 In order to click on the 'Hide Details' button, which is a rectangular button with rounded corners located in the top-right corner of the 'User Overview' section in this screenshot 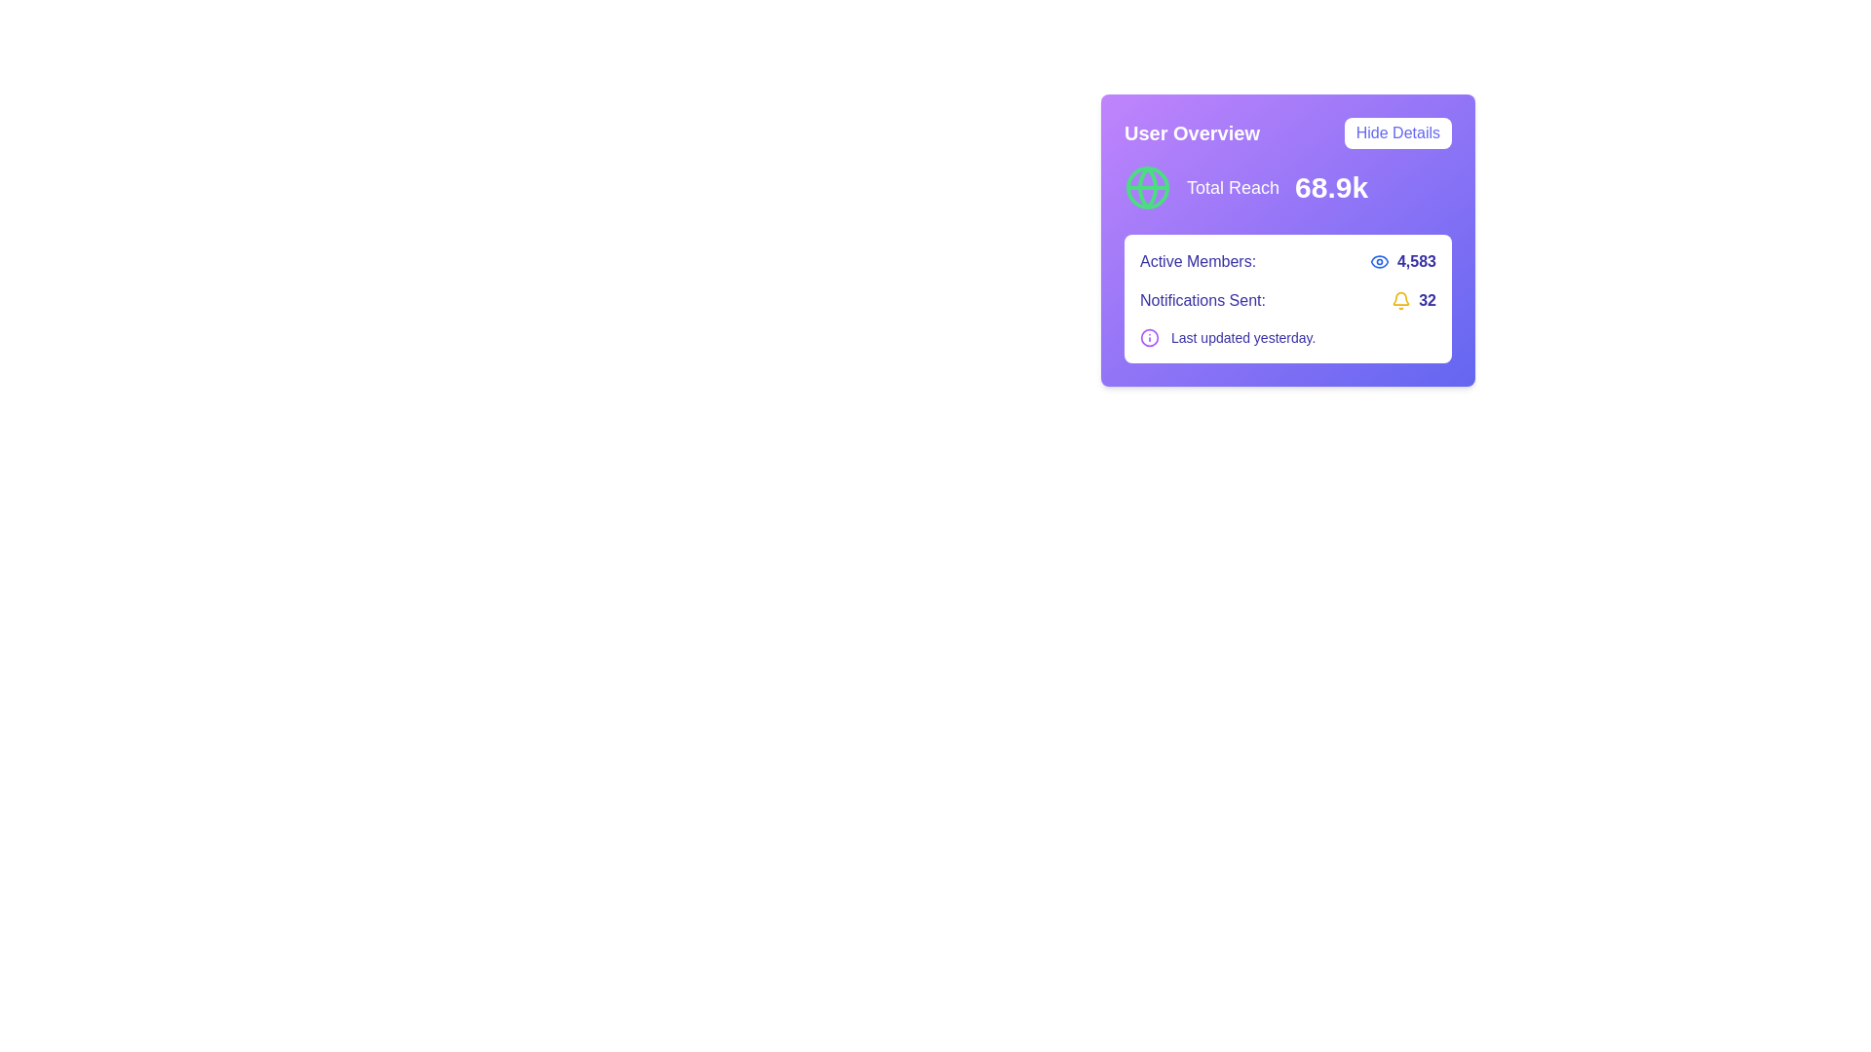, I will do `click(1396, 132)`.